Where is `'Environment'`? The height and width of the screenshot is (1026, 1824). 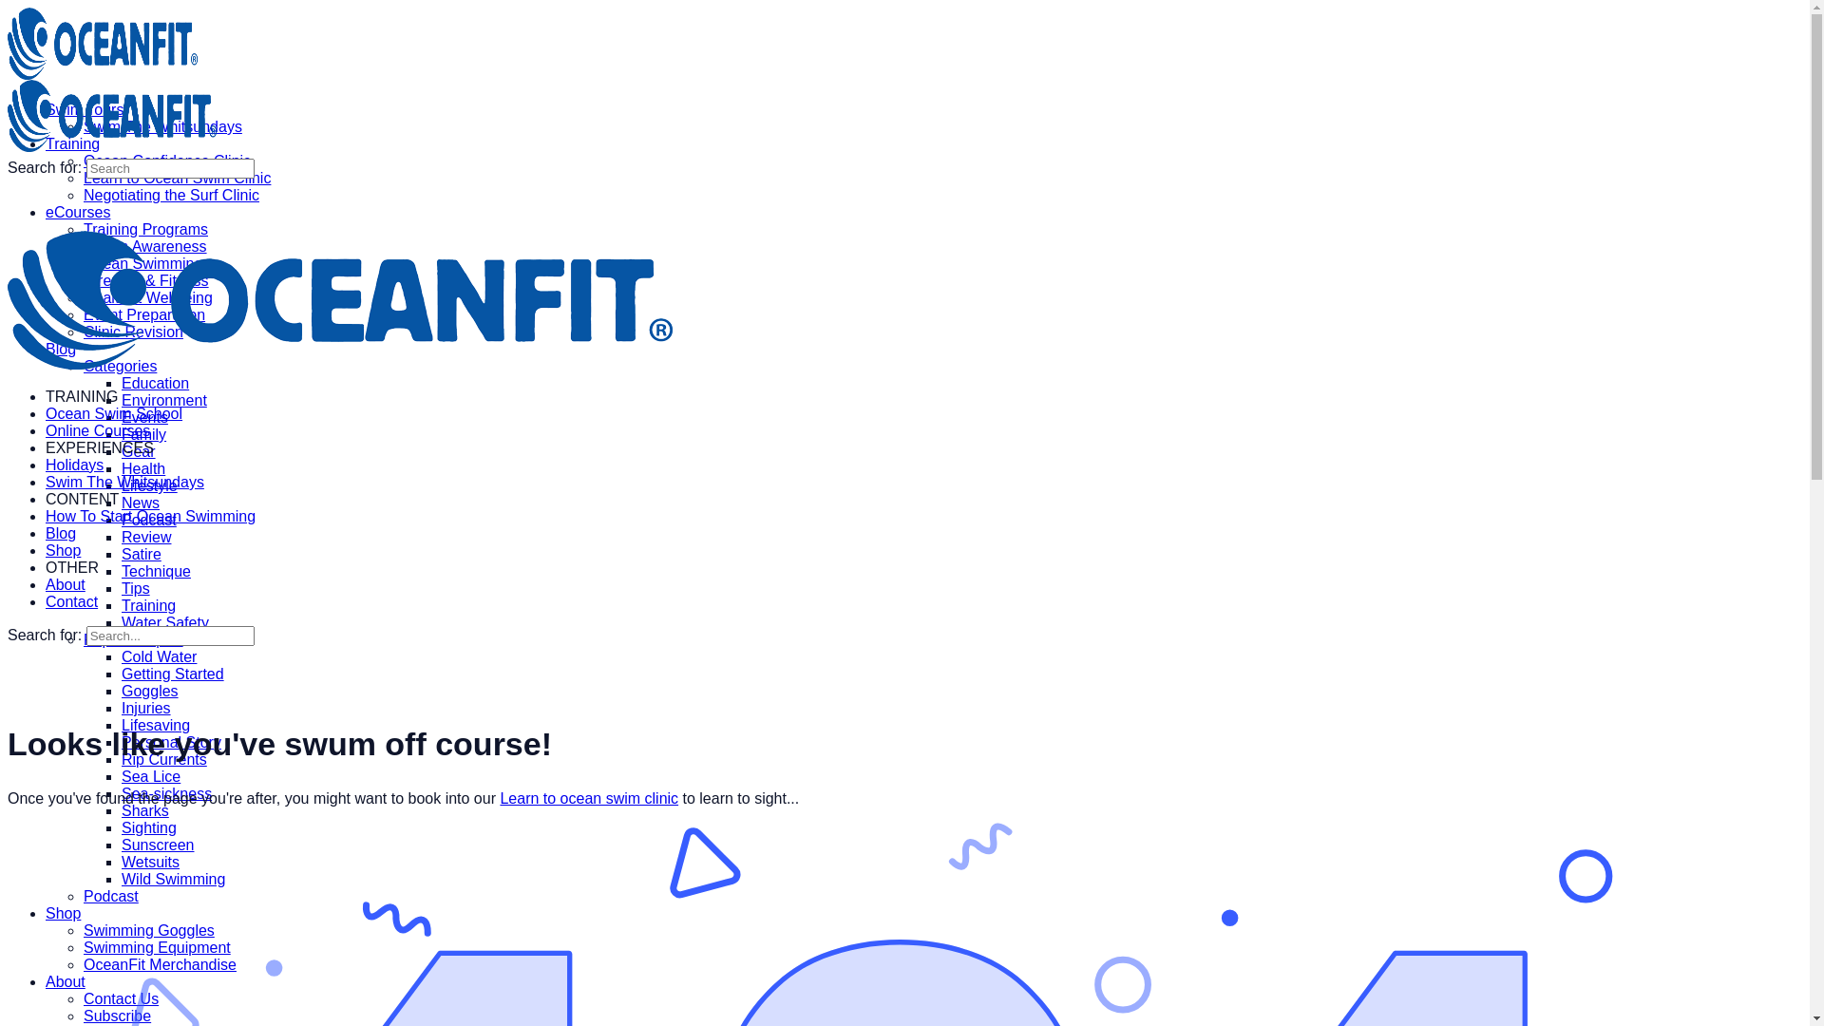 'Environment' is located at coordinates (163, 399).